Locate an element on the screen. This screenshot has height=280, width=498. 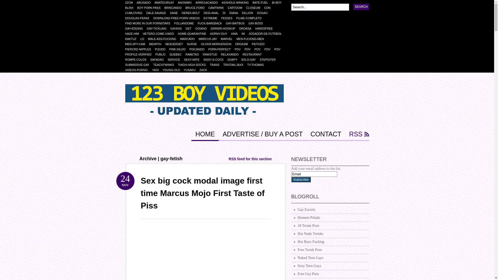
'HOME' is located at coordinates (191, 136).